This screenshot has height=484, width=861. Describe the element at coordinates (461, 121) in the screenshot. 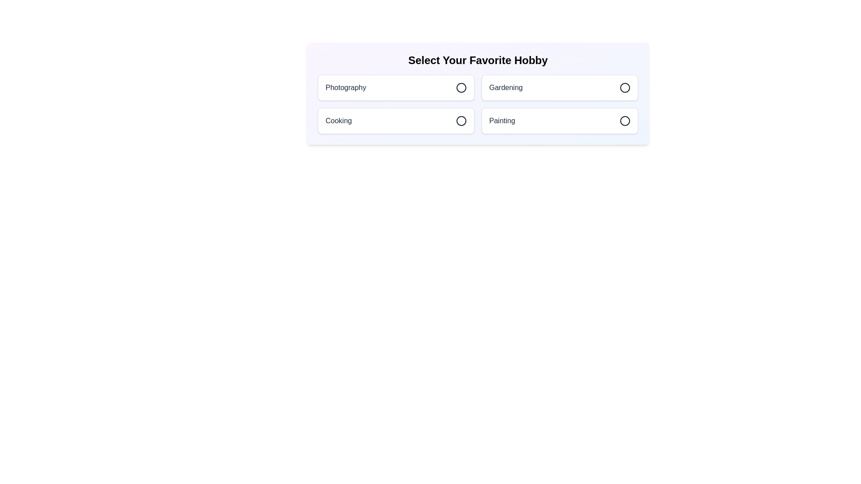

I see `the circular selector within the radio button labeled 'Cooking' to deselect it` at that location.